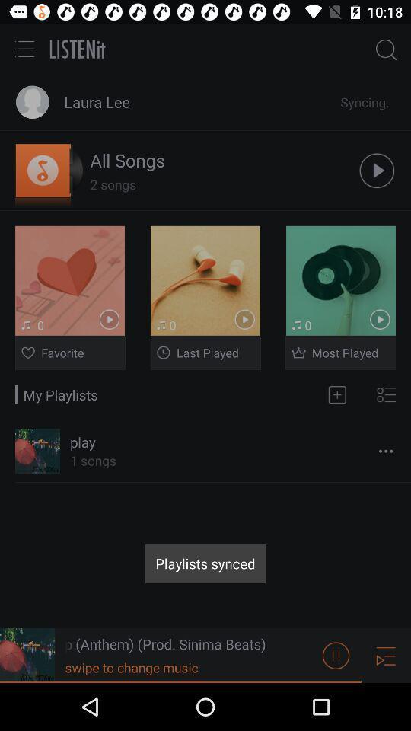  What do you see at coordinates (336, 701) in the screenshot?
I see `the pause icon` at bounding box center [336, 701].